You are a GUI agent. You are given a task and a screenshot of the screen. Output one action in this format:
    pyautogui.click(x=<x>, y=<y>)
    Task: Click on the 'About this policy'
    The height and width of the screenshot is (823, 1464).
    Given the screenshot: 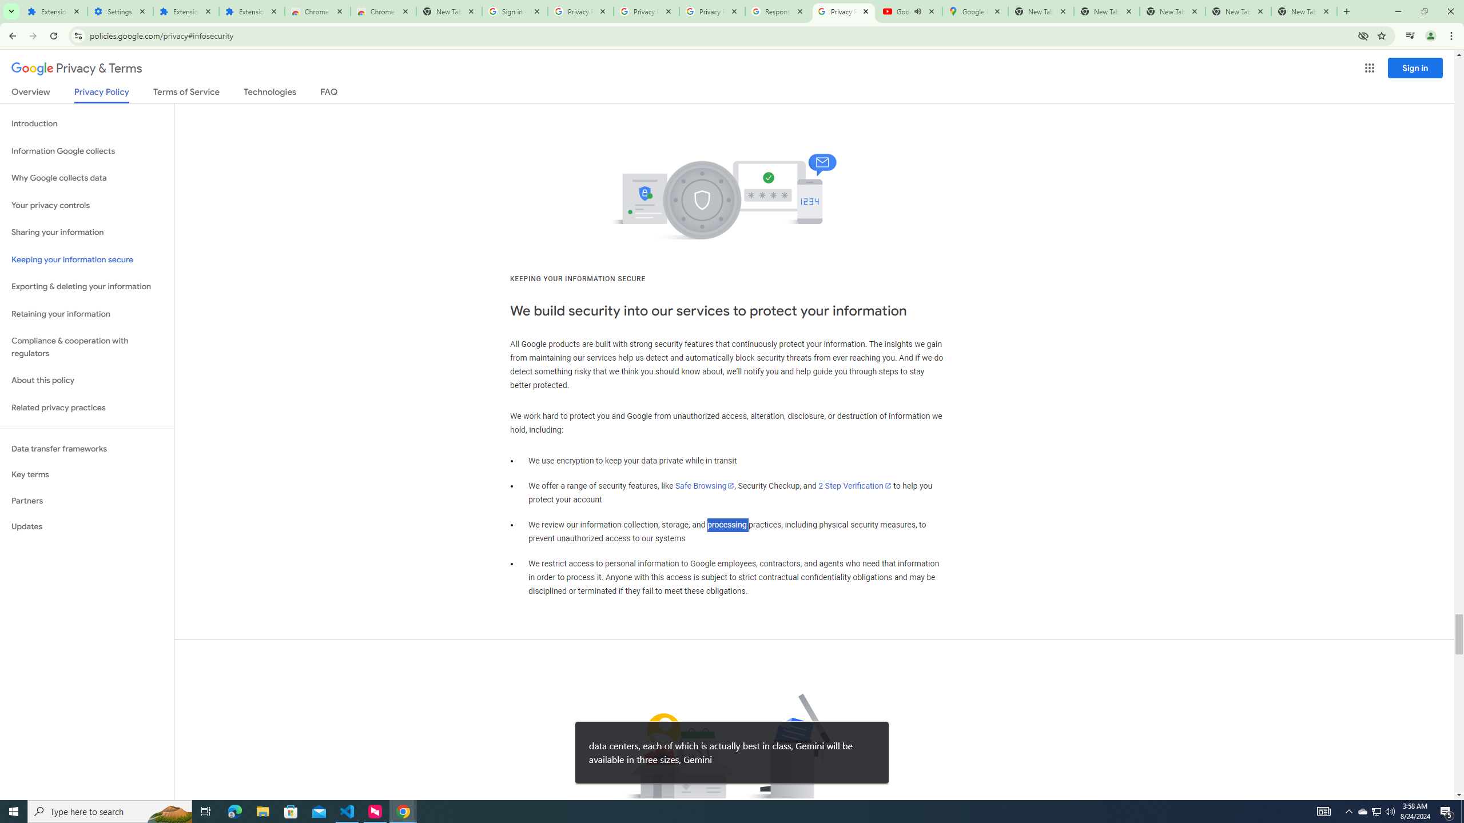 What is the action you would take?
    pyautogui.click(x=86, y=381)
    